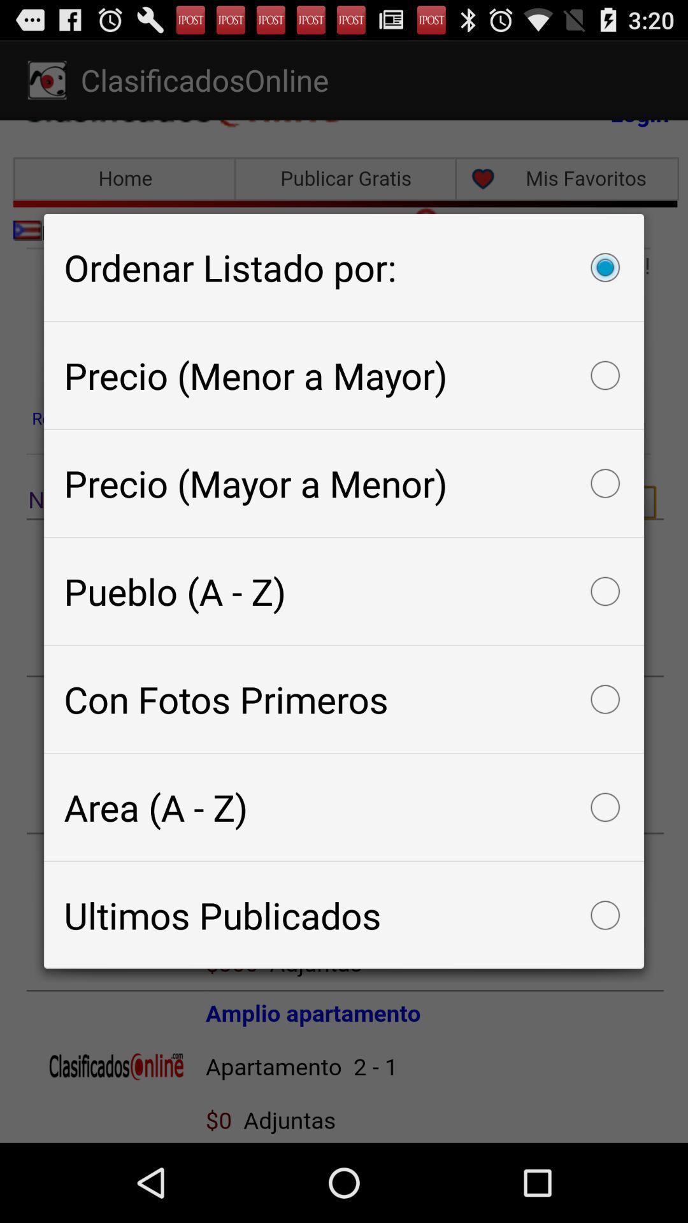  I want to click on the checkbox above area (a - z) icon, so click(344, 699).